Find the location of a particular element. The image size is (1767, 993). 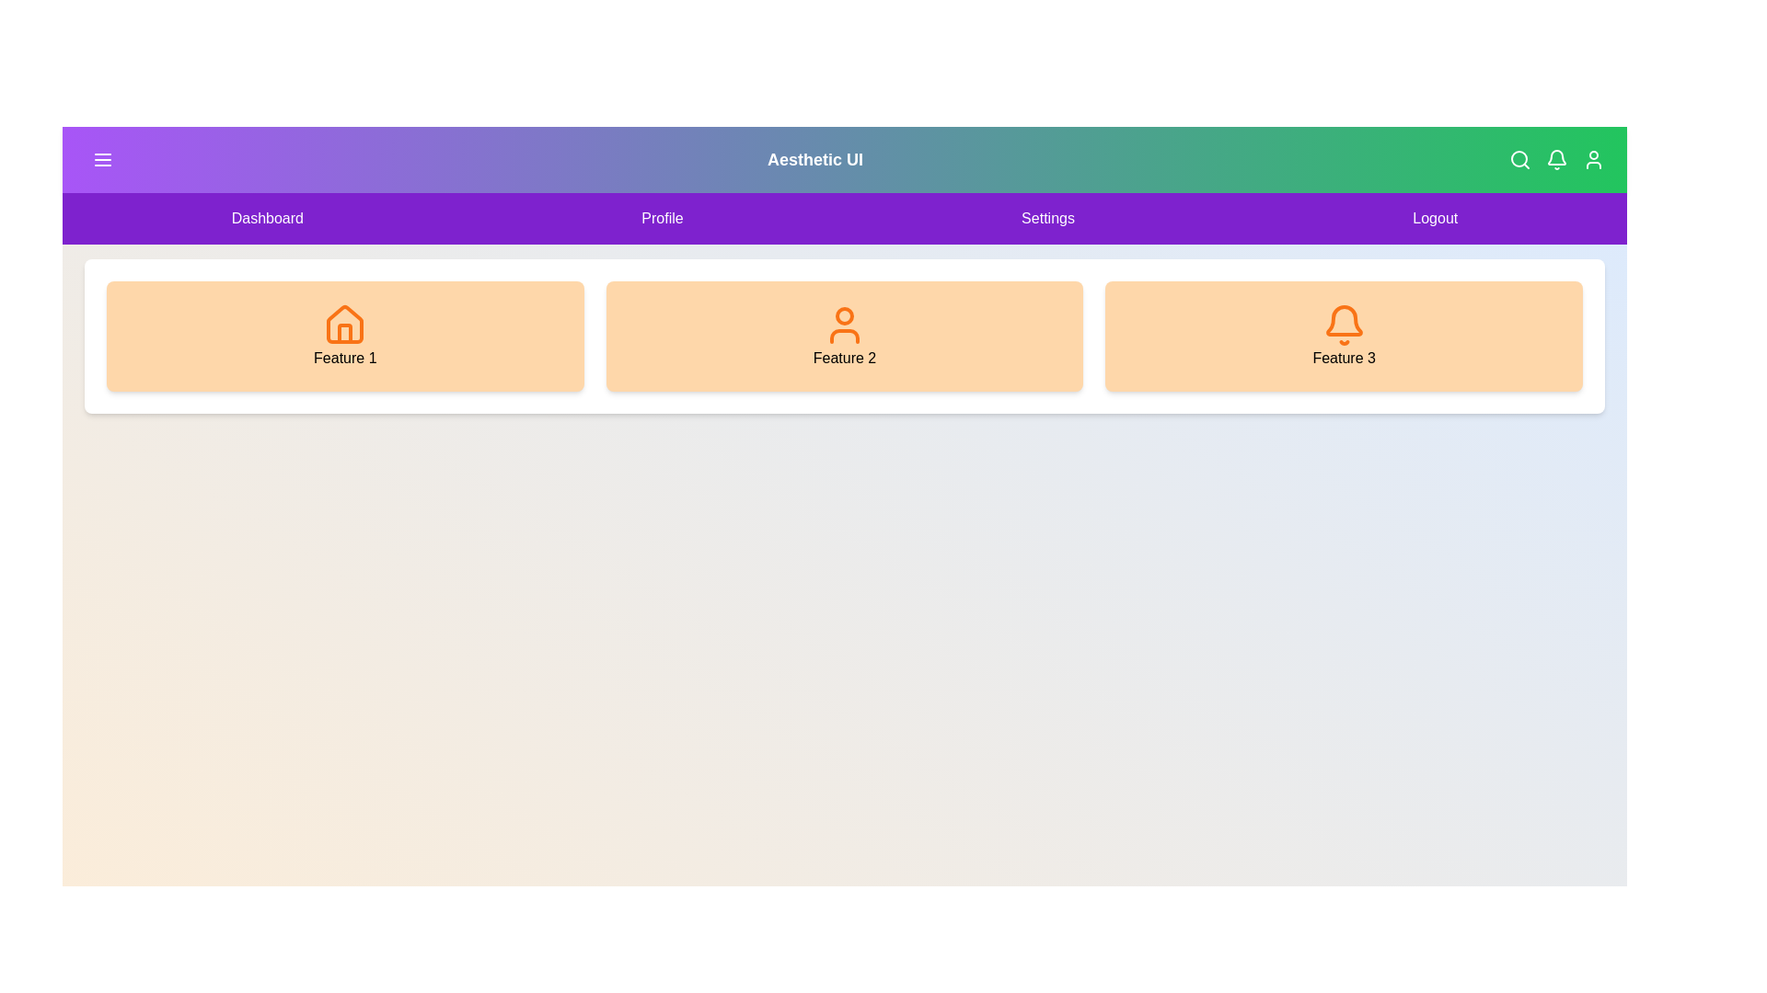

the menu button to toggle the menu visibility is located at coordinates (101, 158).